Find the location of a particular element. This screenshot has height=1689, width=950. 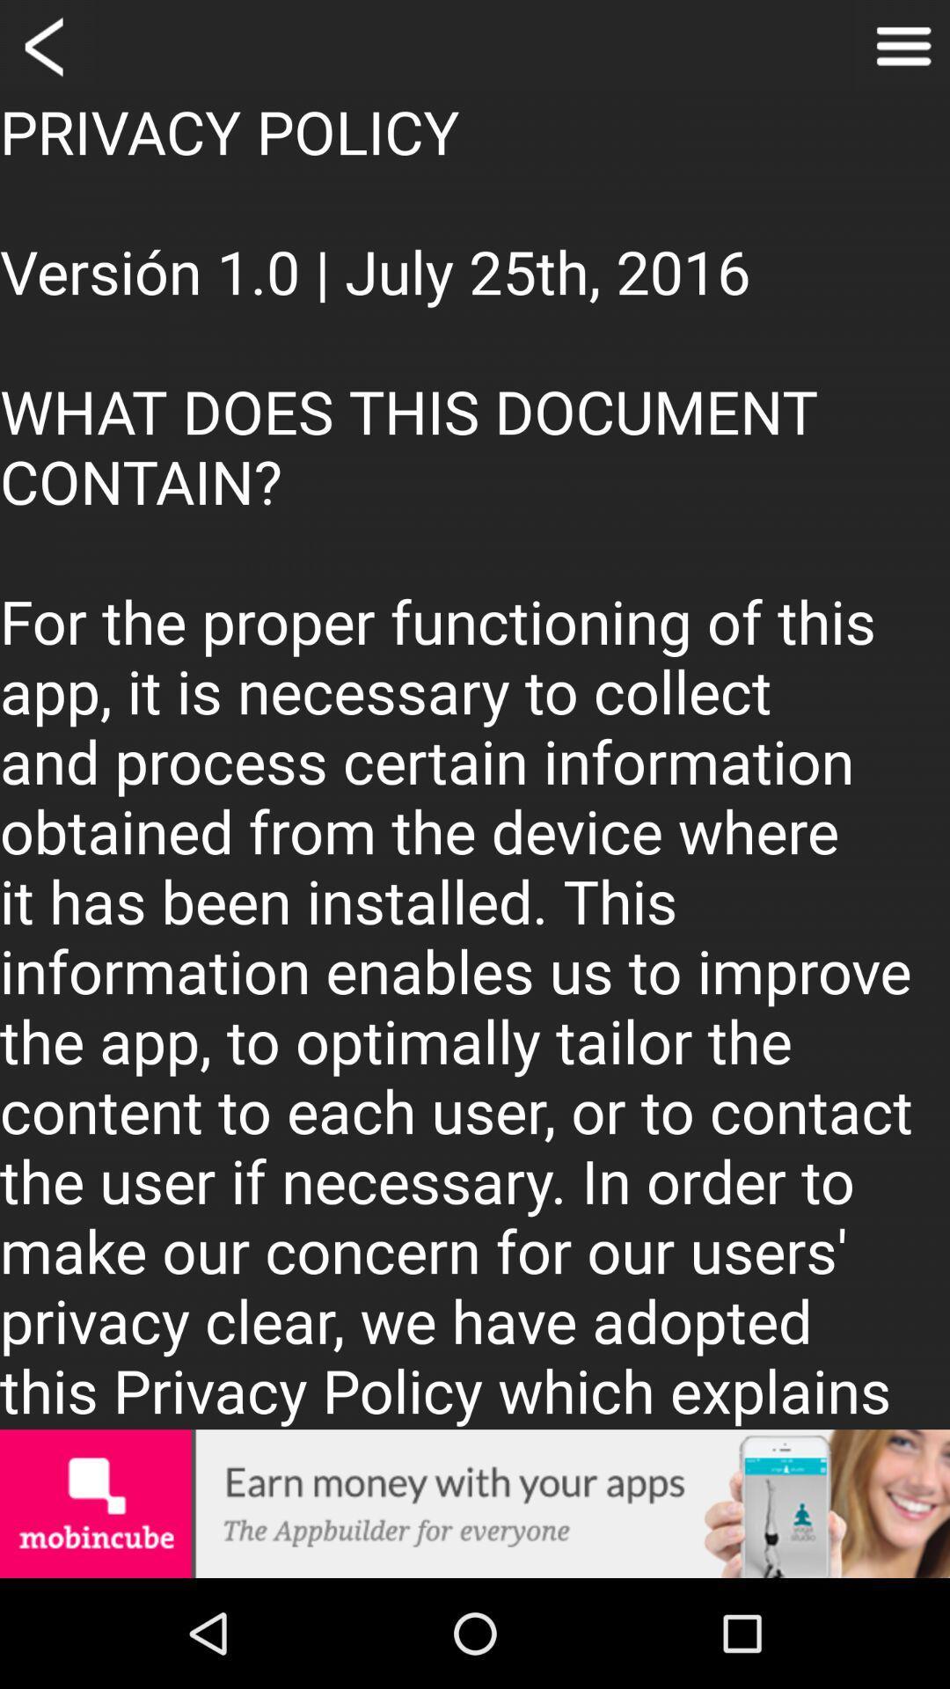

the arrow_backward icon is located at coordinates (47, 48).